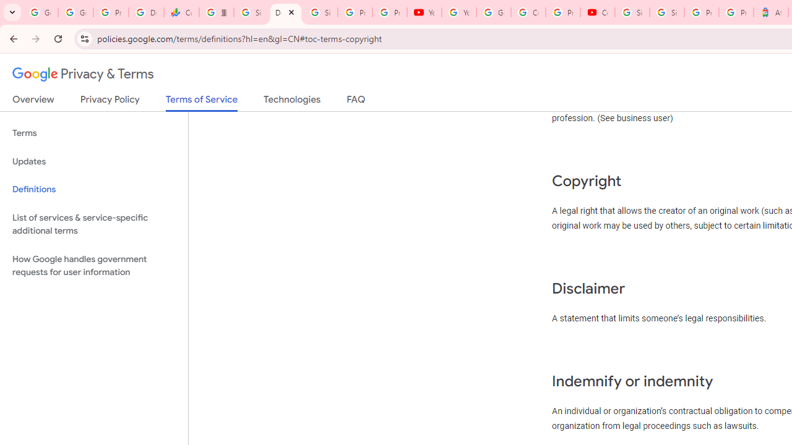 The height and width of the screenshot is (445, 792). Describe the element at coordinates (458, 12) in the screenshot. I see `'YouTube'` at that location.